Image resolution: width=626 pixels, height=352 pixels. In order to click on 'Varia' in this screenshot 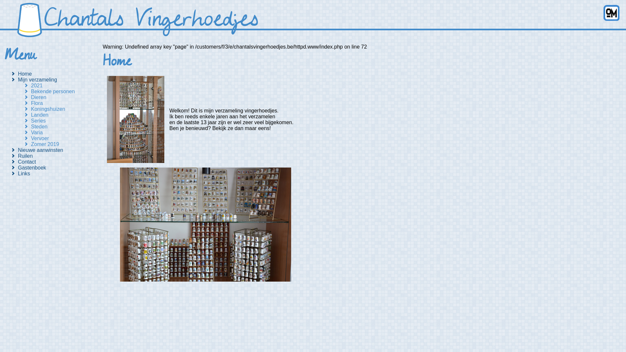, I will do `click(62, 132)`.